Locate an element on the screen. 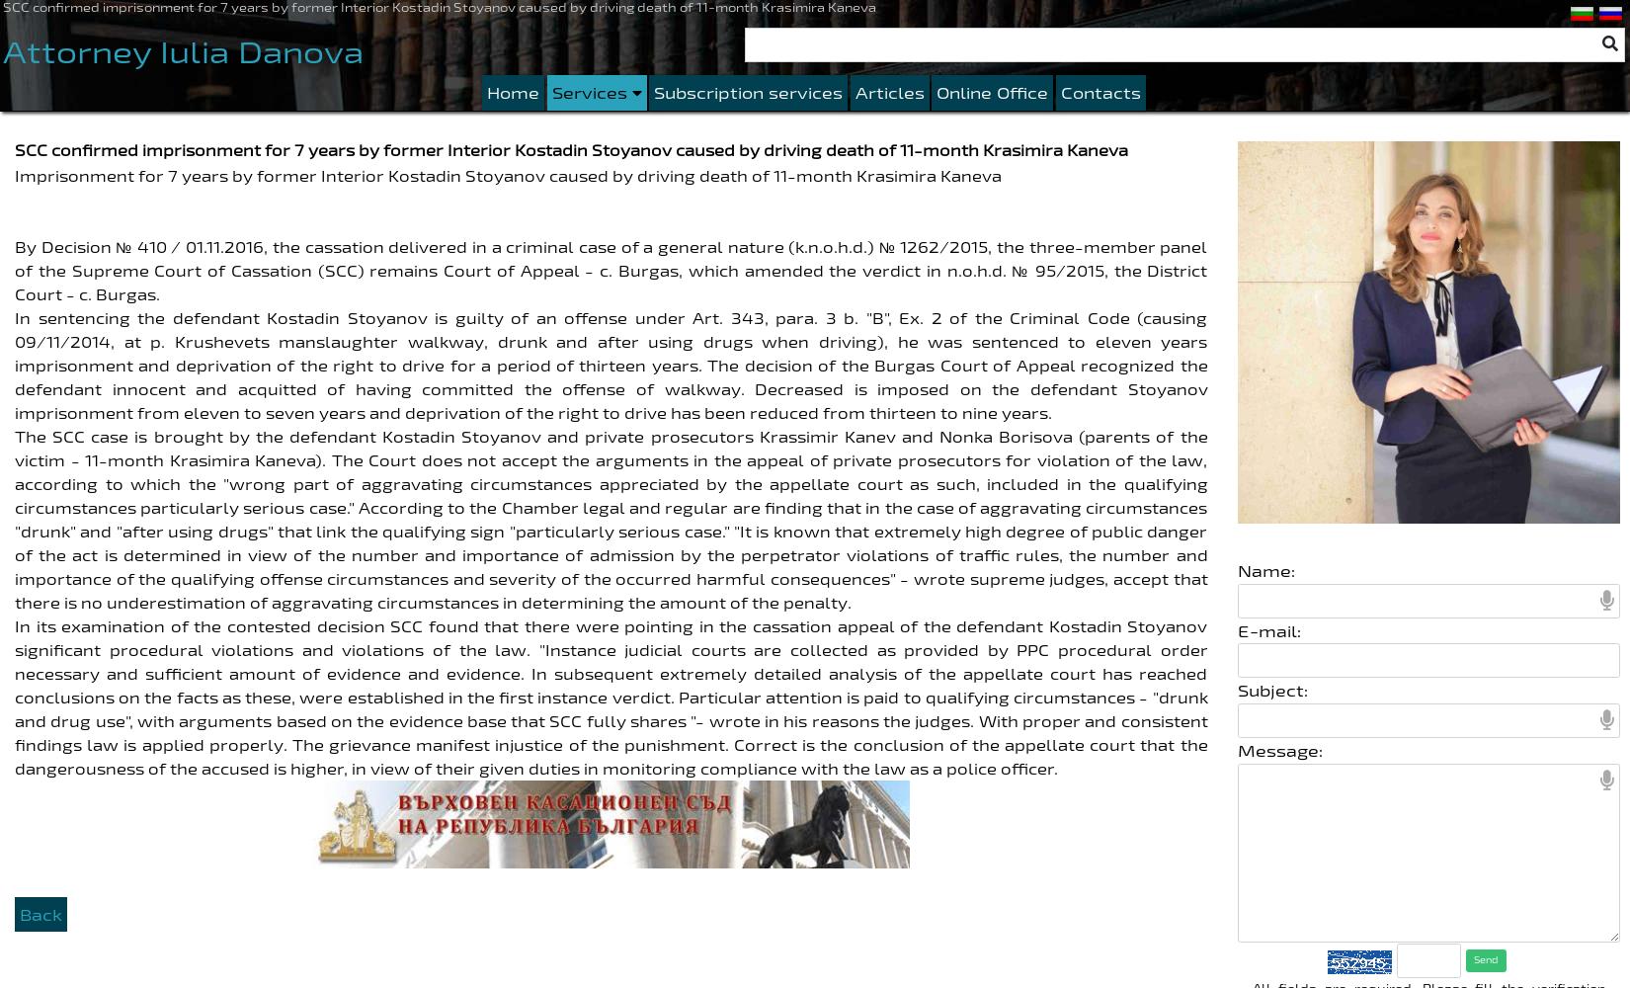 The image size is (1630, 988). 'Message:' is located at coordinates (1277, 750).